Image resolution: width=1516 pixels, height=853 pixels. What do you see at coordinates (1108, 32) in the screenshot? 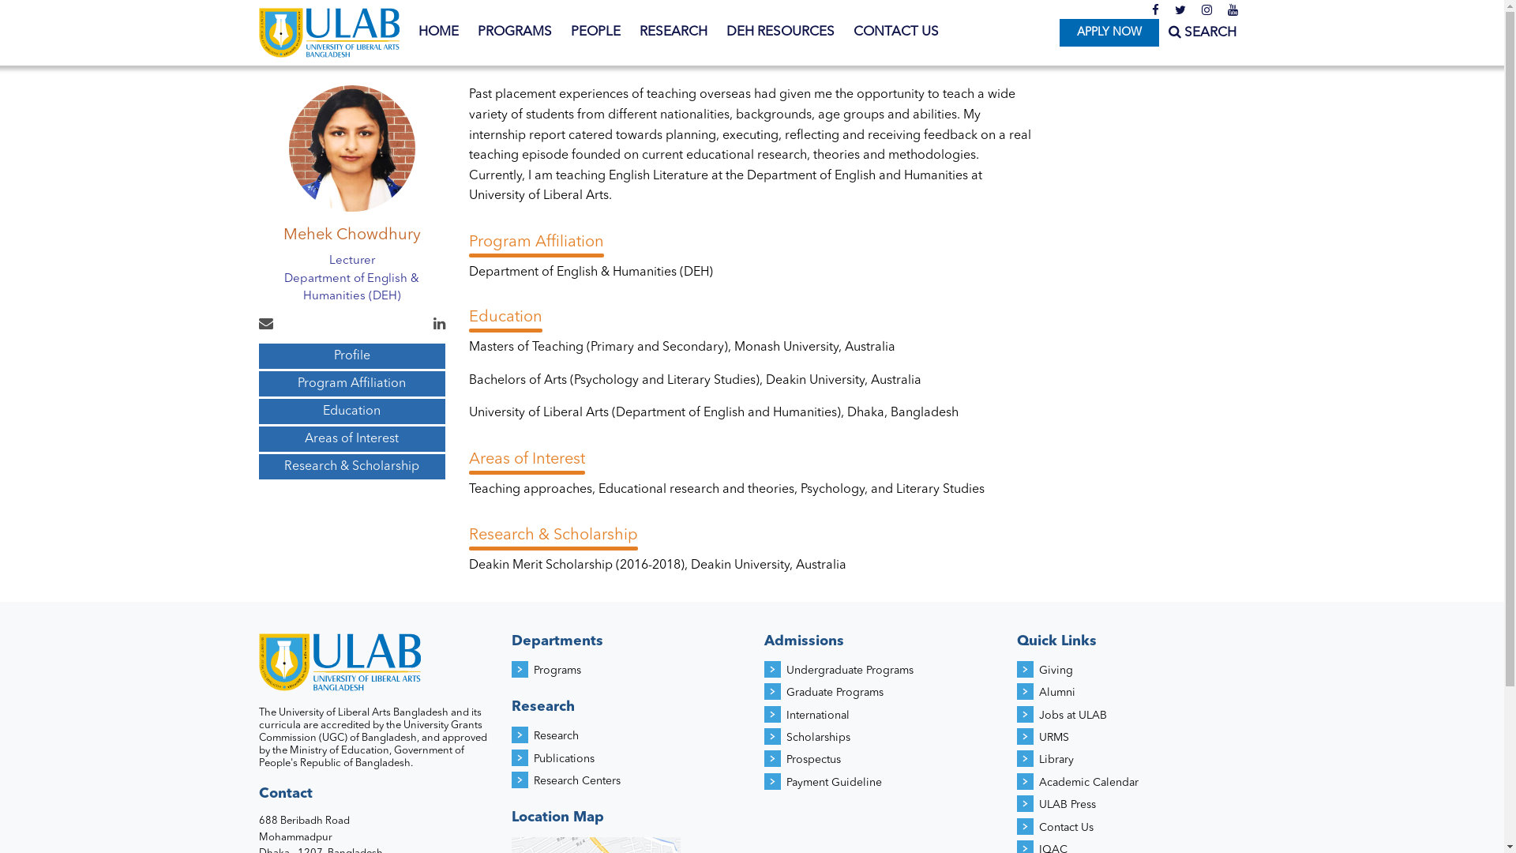
I see `'APPLY NOW'` at bounding box center [1108, 32].